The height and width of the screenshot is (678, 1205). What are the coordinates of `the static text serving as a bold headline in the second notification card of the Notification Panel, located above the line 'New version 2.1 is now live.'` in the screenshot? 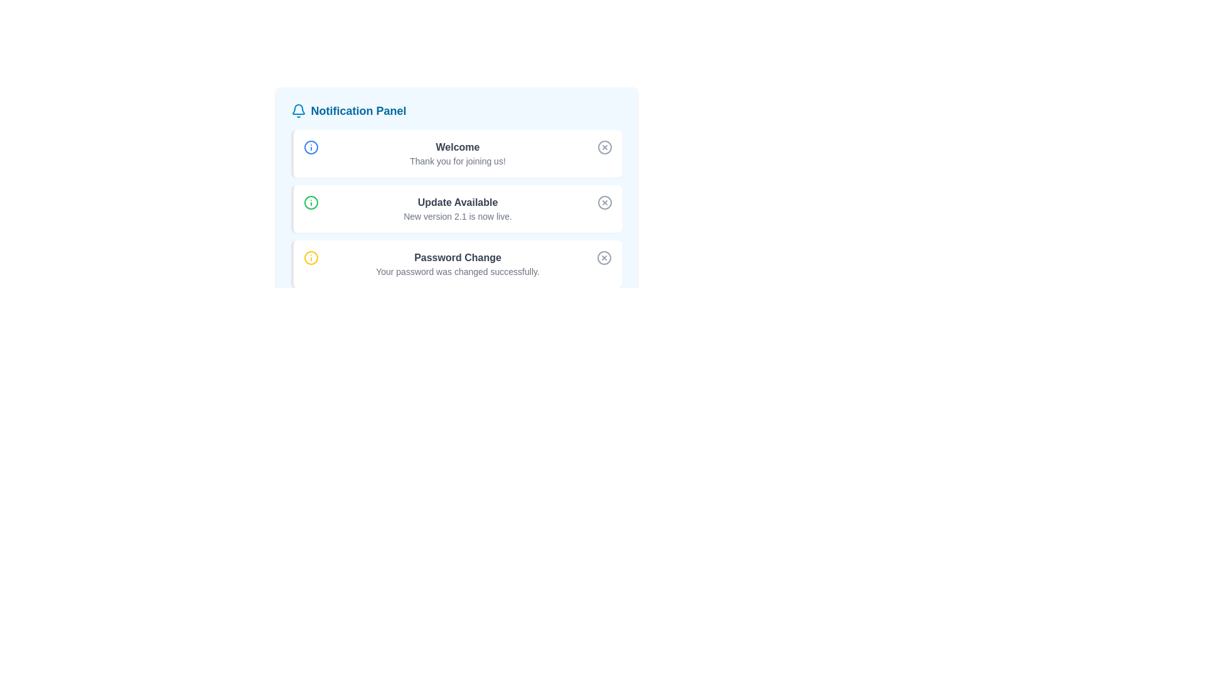 It's located at (457, 202).